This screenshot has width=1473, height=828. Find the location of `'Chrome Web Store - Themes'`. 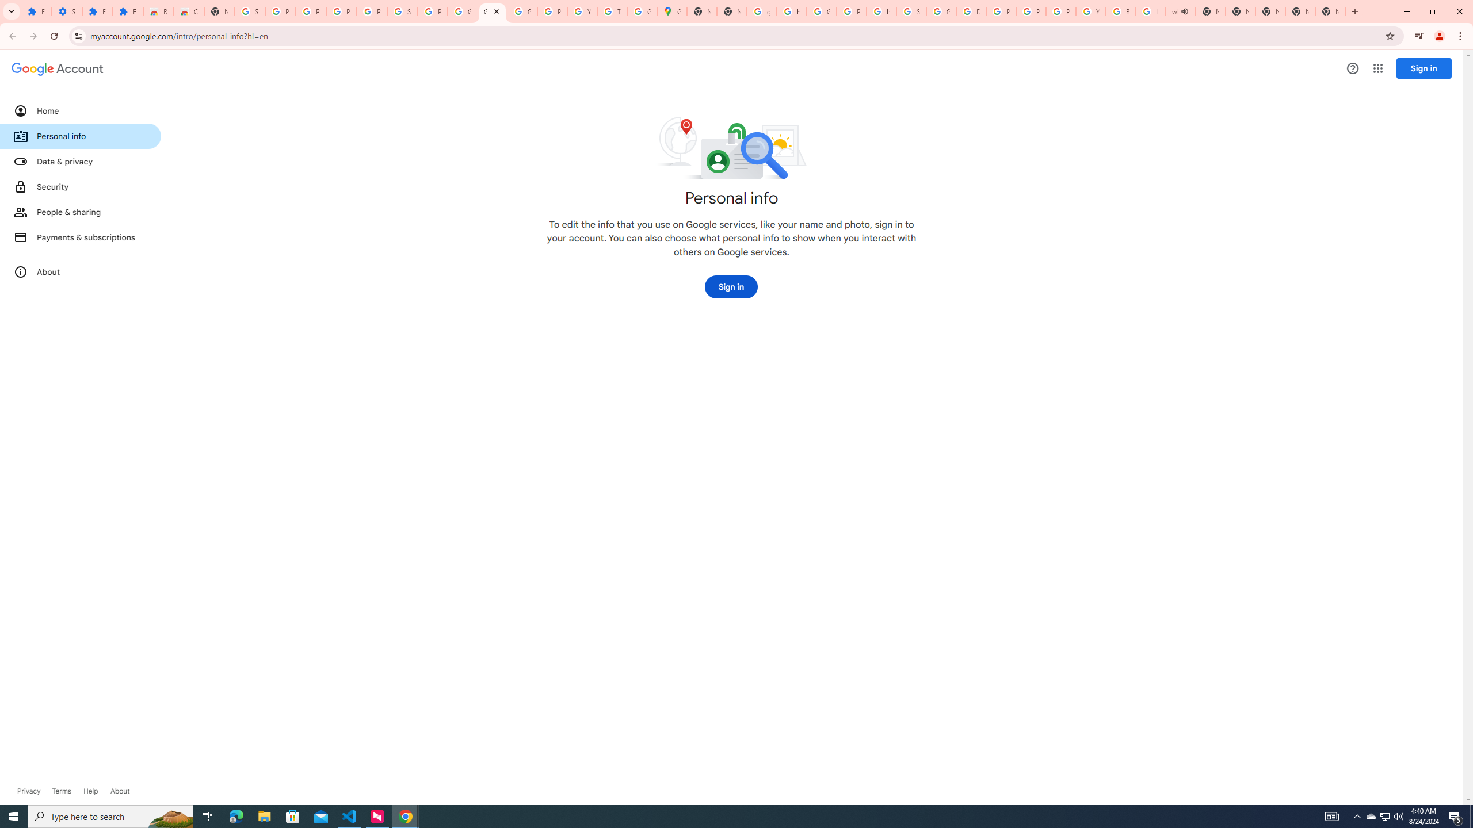

'Chrome Web Store - Themes' is located at coordinates (188, 11).